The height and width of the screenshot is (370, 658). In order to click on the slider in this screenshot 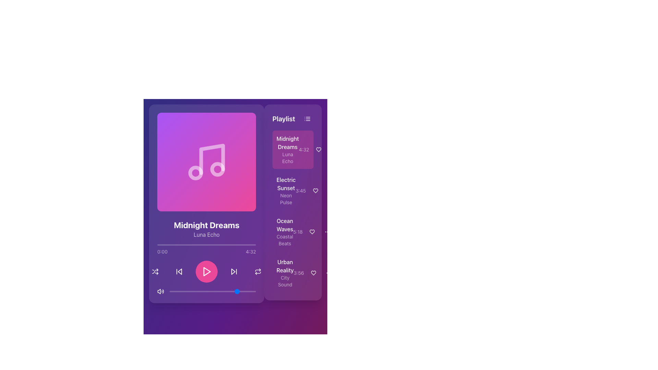, I will do `click(173, 292)`.